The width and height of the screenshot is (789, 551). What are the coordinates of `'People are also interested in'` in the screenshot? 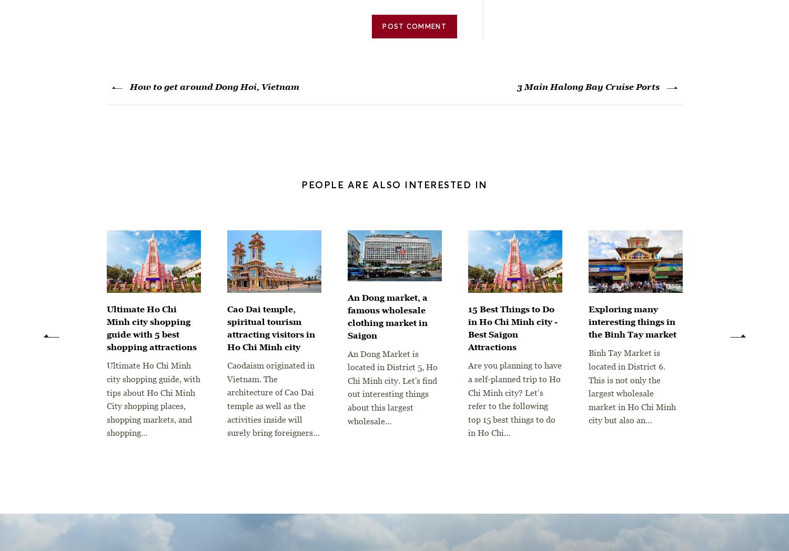 It's located at (393, 183).